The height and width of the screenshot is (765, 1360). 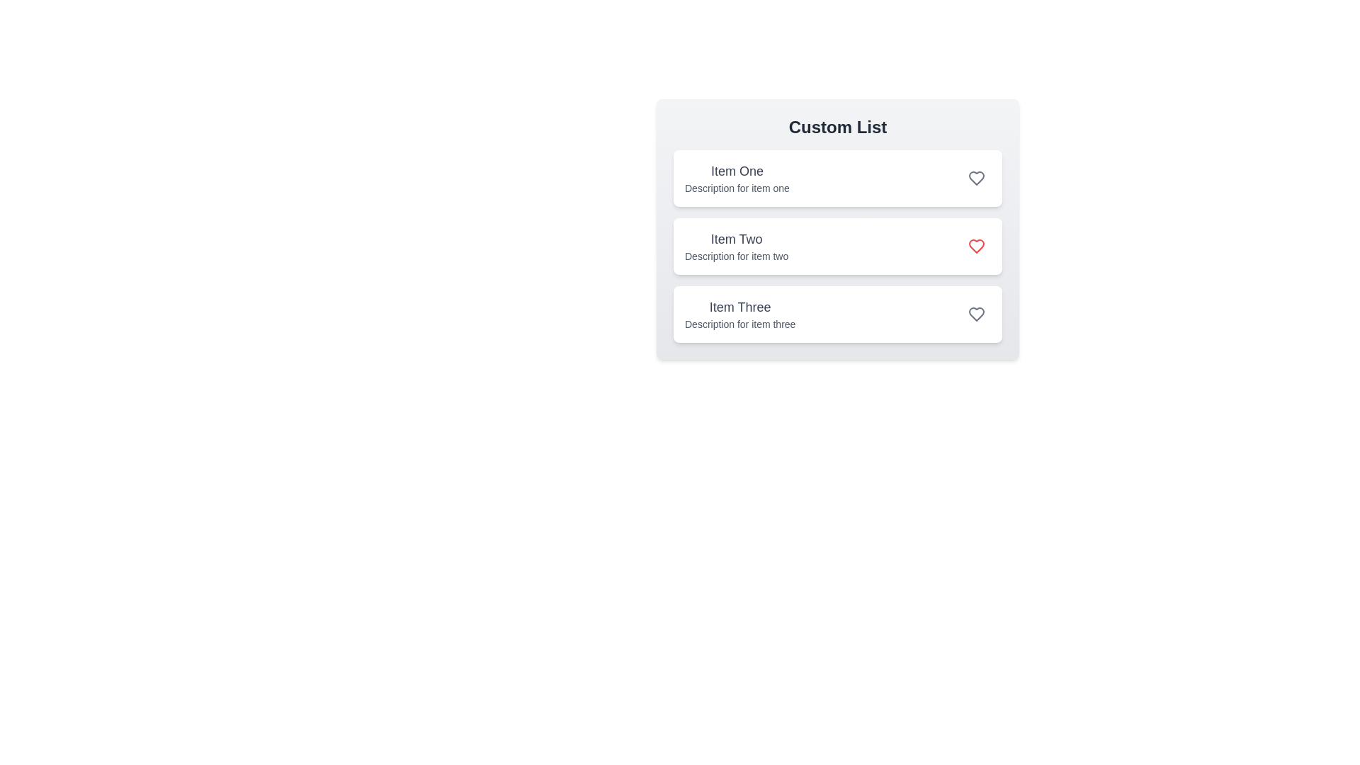 What do you see at coordinates (975, 245) in the screenshot?
I see `the heart icon for Item Two to toggle its favorite status` at bounding box center [975, 245].